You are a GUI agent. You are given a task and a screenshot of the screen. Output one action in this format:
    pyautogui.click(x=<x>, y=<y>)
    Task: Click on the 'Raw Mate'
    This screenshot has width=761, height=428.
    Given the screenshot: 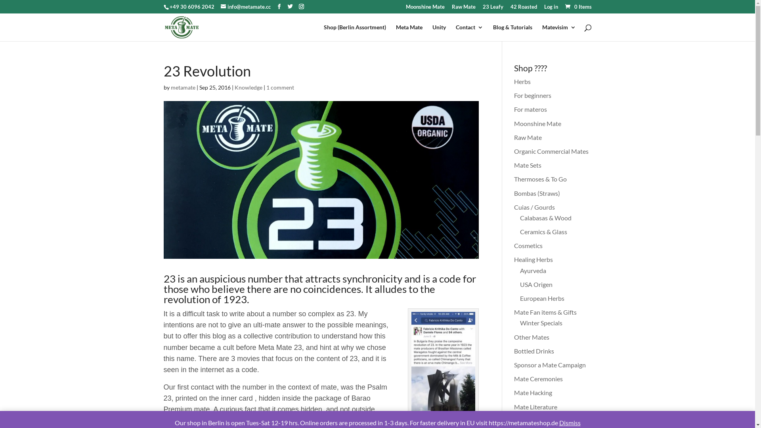 What is the action you would take?
    pyautogui.click(x=464, y=9)
    